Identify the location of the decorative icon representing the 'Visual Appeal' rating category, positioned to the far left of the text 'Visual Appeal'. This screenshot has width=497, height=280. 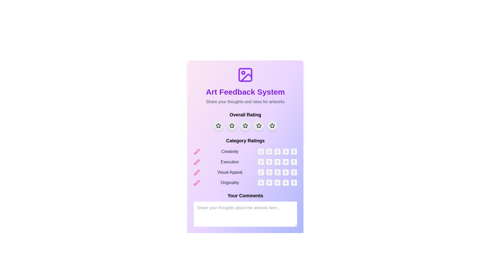
(196, 172).